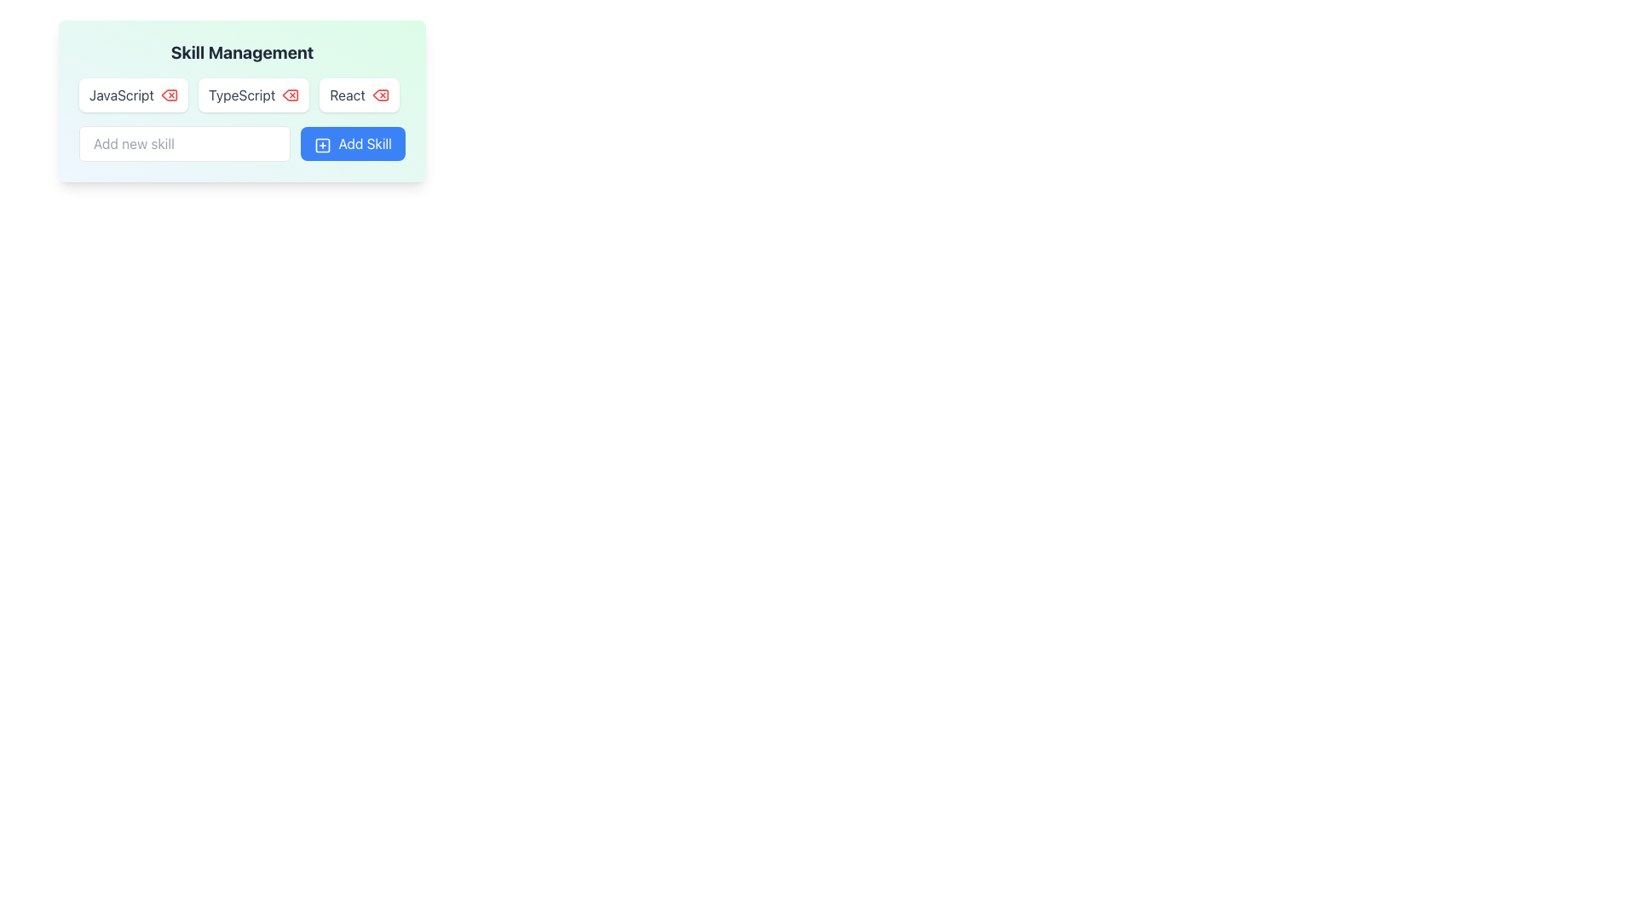 This screenshot has width=1636, height=920. I want to click on the 'TypeScript' skill item, so click(253, 95).